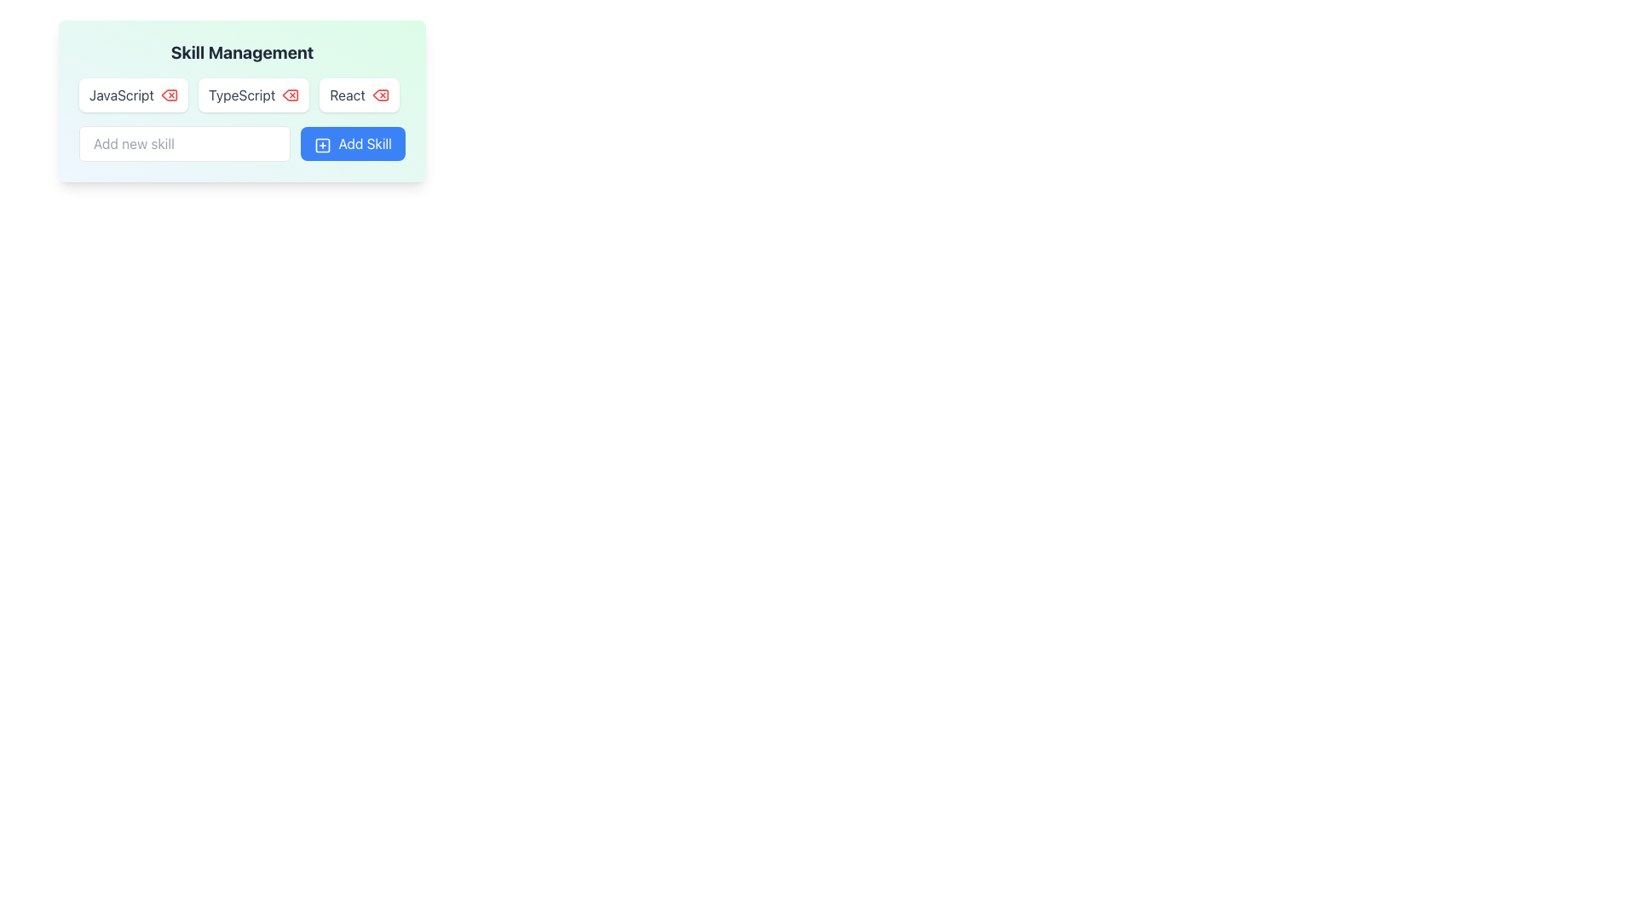 This screenshot has width=1636, height=920. I want to click on the 'TypeScript' skill item, so click(253, 95).